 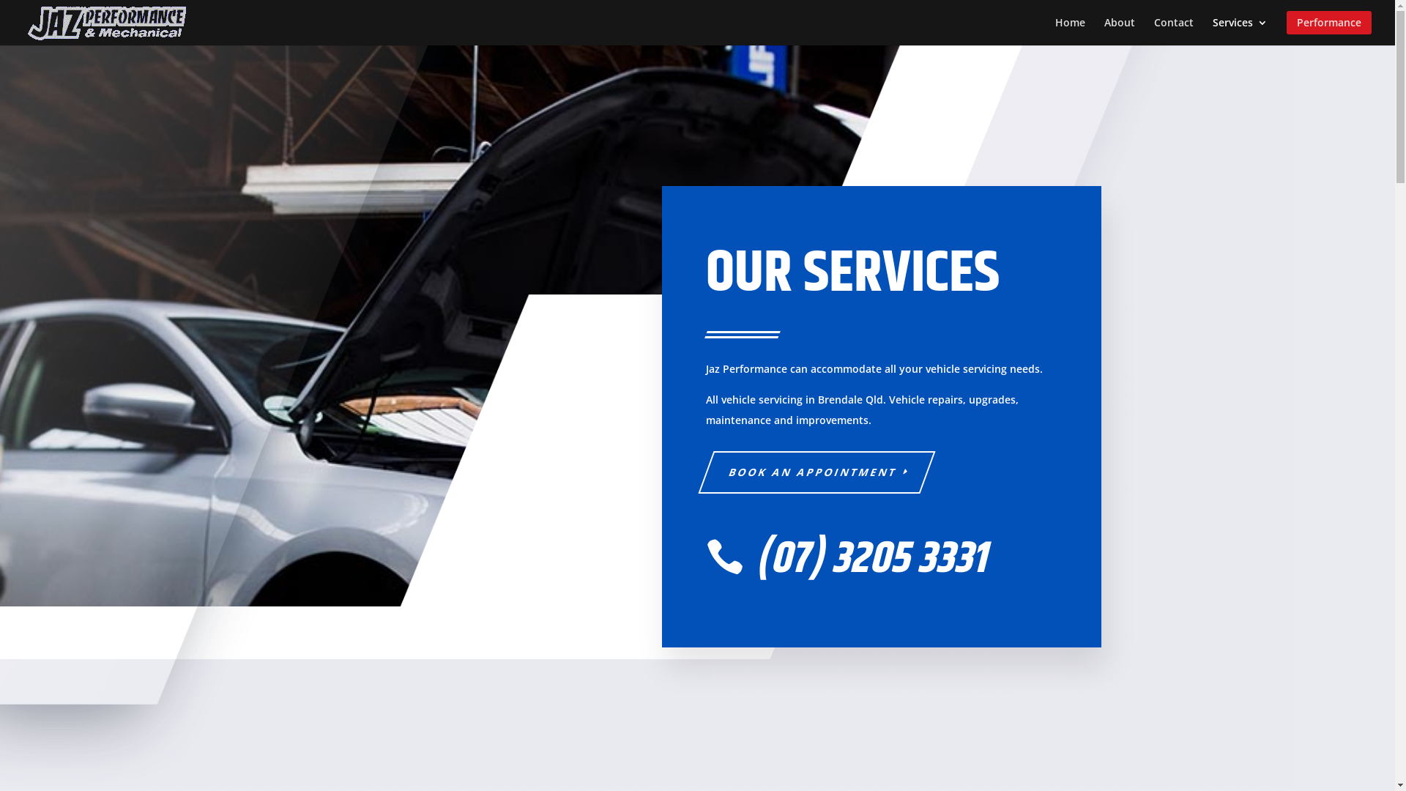 What do you see at coordinates (1239, 28) in the screenshot?
I see `'Services'` at bounding box center [1239, 28].